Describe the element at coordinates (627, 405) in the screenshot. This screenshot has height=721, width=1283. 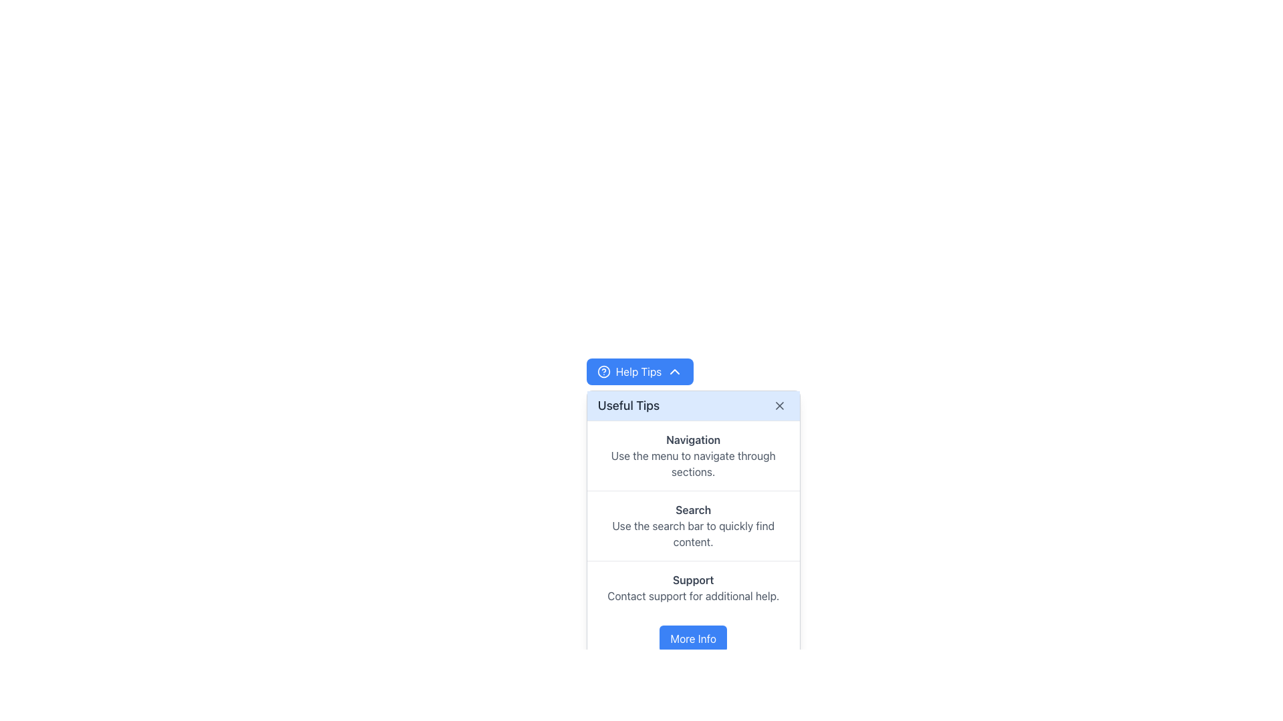
I see `the 'Useful Tips' text label, which is styled with a large, medium-weight font in dark gray, located in the top bar of a popup card` at that location.